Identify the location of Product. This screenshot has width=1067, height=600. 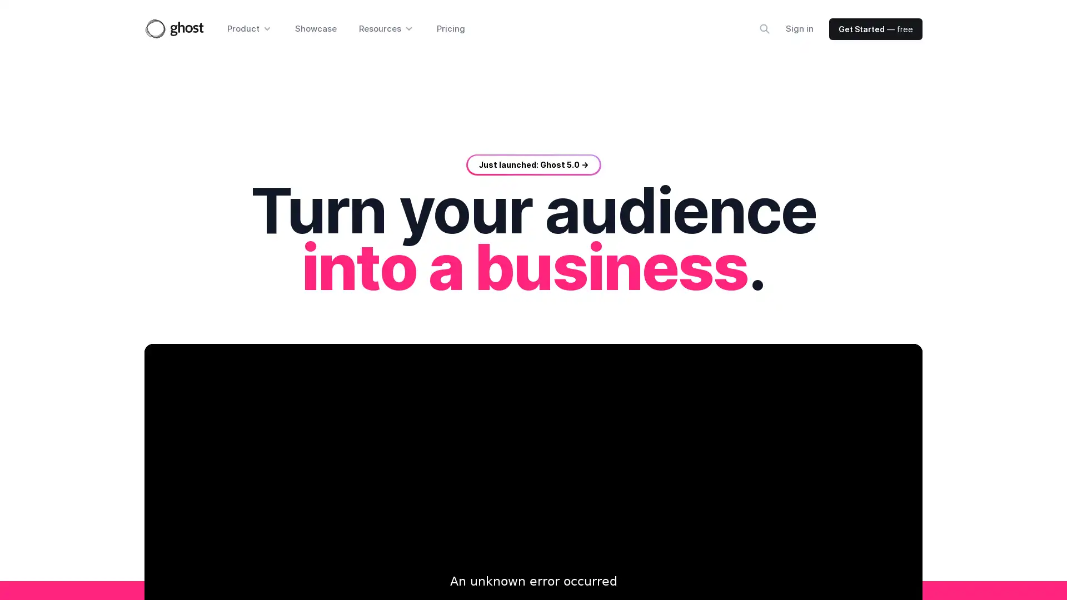
(249, 28).